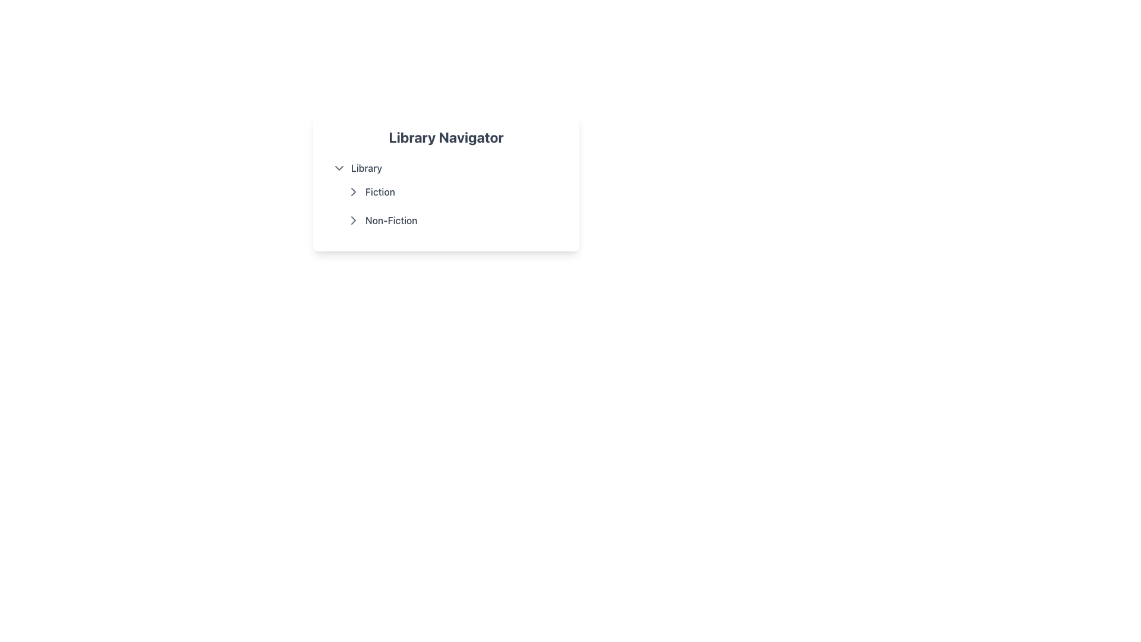 Image resolution: width=1141 pixels, height=642 pixels. Describe the element at coordinates (353, 191) in the screenshot. I see `the expansion control button located to the left of the 'Fiction' text in the library navigation list` at that location.